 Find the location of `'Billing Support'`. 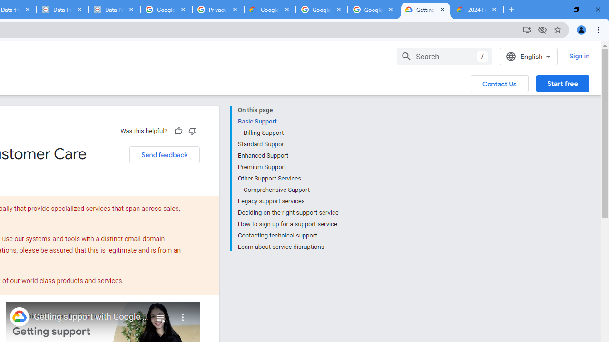

'Billing Support' is located at coordinates (290, 133).